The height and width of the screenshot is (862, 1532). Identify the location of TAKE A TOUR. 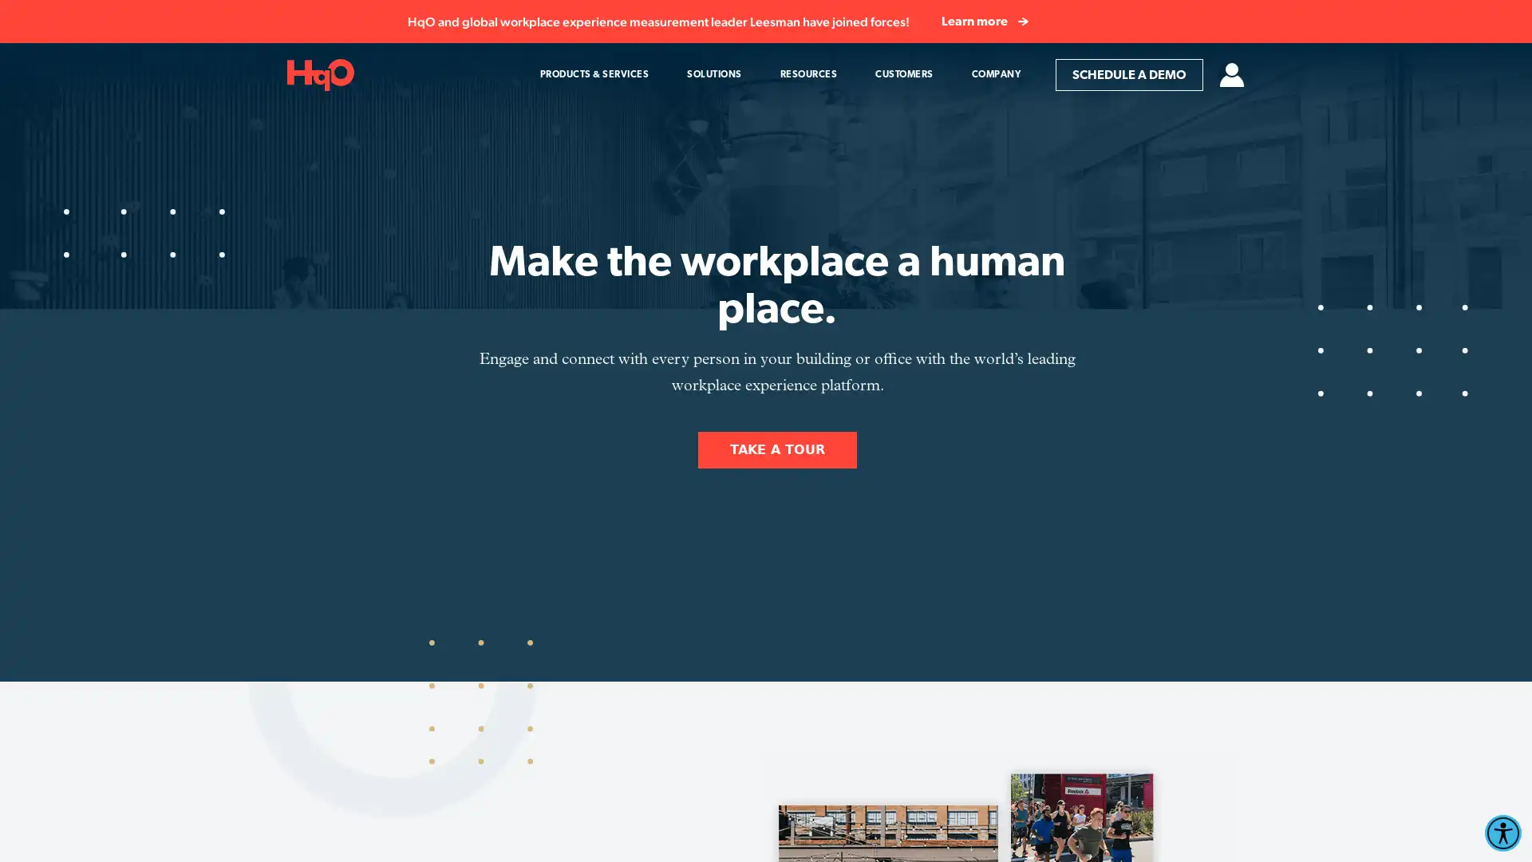
(777, 449).